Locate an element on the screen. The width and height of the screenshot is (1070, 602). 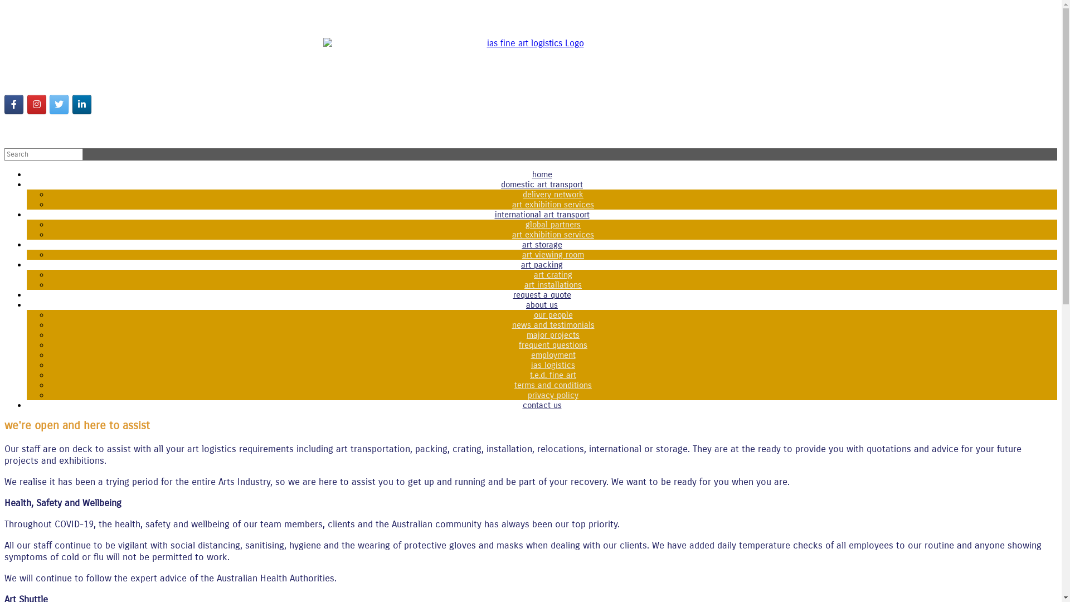
'home' is located at coordinates (541, 174).